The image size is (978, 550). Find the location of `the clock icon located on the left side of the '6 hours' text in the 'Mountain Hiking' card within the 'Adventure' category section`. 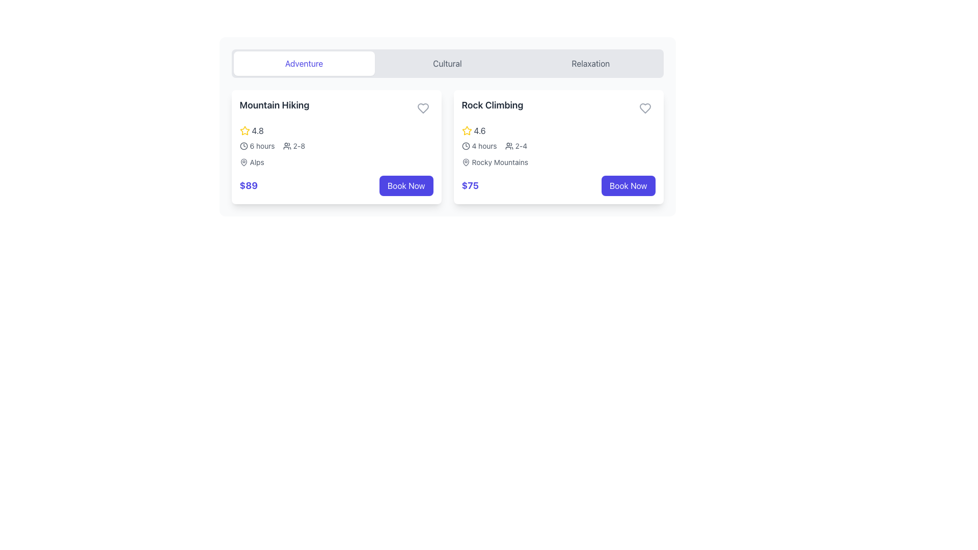

the clock icon located on the left side of the '6 hours' text in the 'Mountain Hiking' card within the 'Adventure' category section is located at coordinates (243, 146).